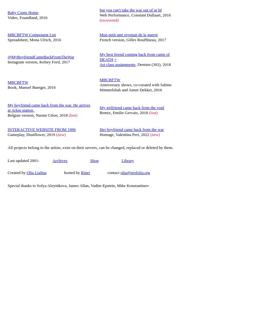 Image resolution: width=270 pixels, height=317 pixels. What do you see at coordinates (105, 172) in the screenshot?
I see `'contact'` at bounding box center [105, 172].